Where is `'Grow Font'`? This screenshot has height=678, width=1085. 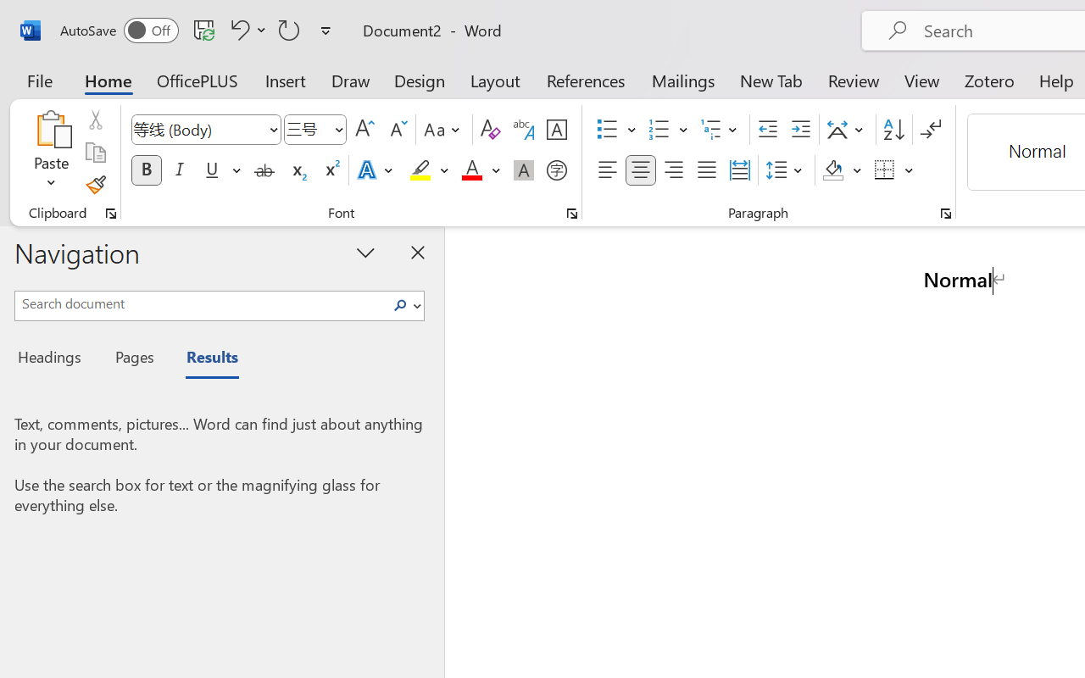 'Grow Font' is located at coordinates (364, 130).